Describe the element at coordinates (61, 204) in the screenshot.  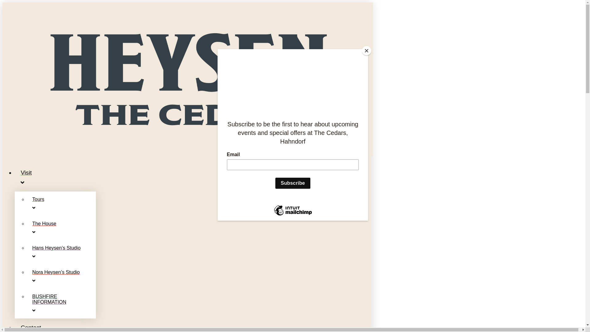
I see `'Tours'` at that location.